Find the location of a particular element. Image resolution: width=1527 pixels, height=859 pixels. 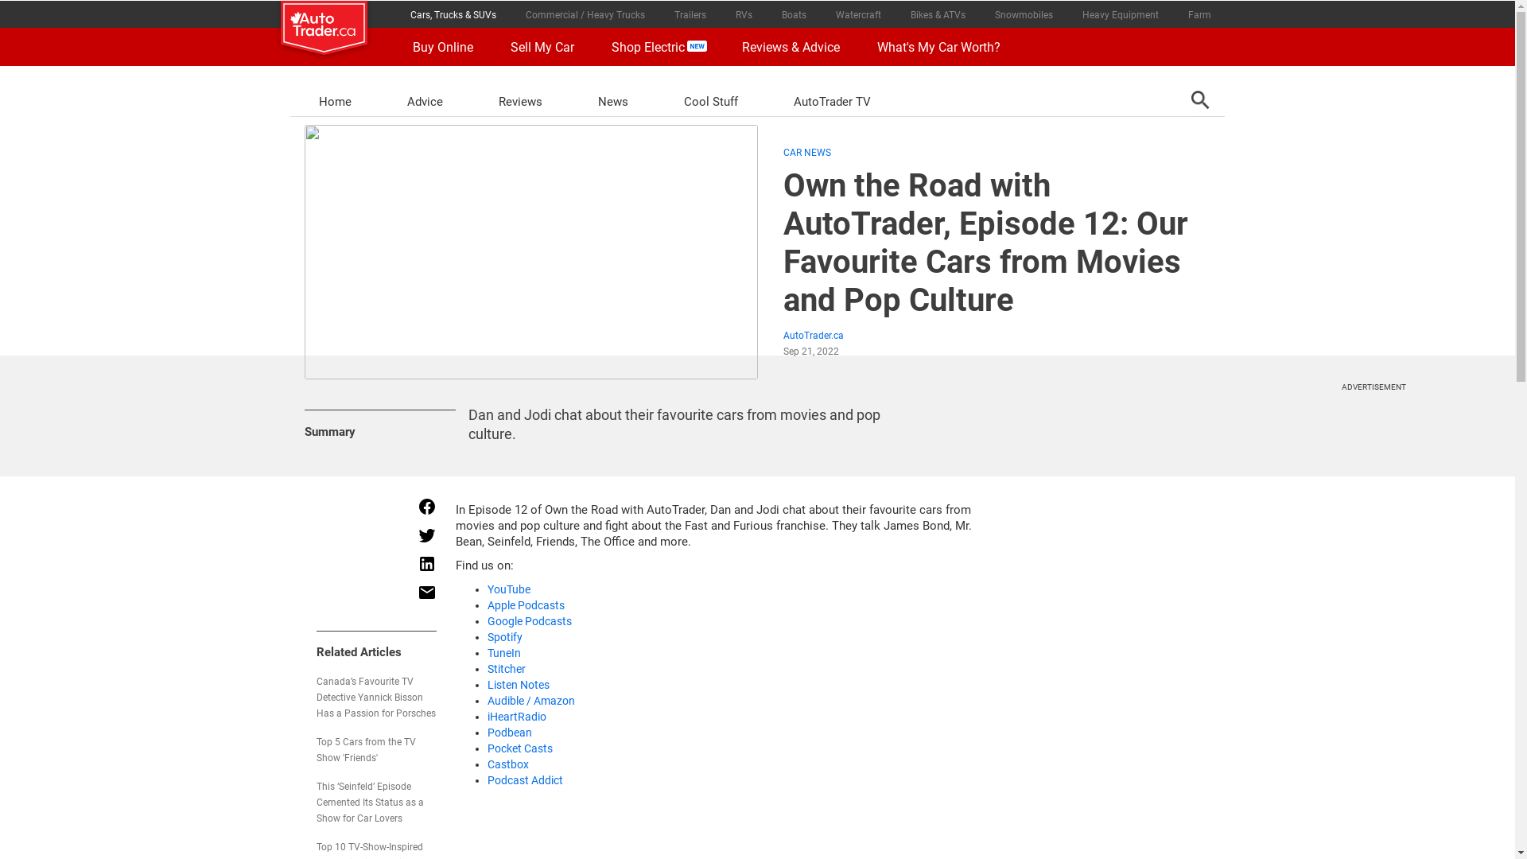

'Farm' is located at coordinates (1199, 14).